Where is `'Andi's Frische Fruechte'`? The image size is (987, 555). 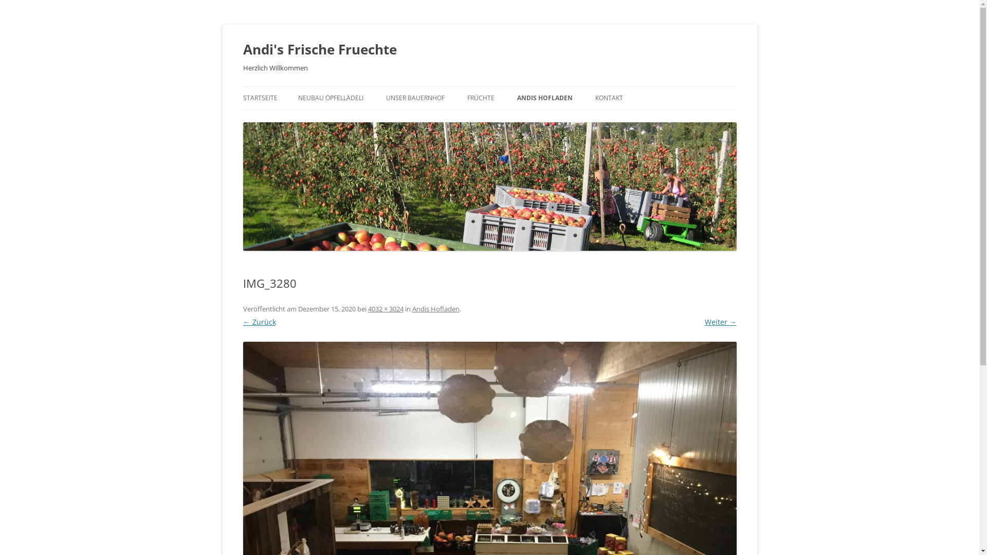
'Andi's Frische Fruechte' is located at coordinates (319, 49).